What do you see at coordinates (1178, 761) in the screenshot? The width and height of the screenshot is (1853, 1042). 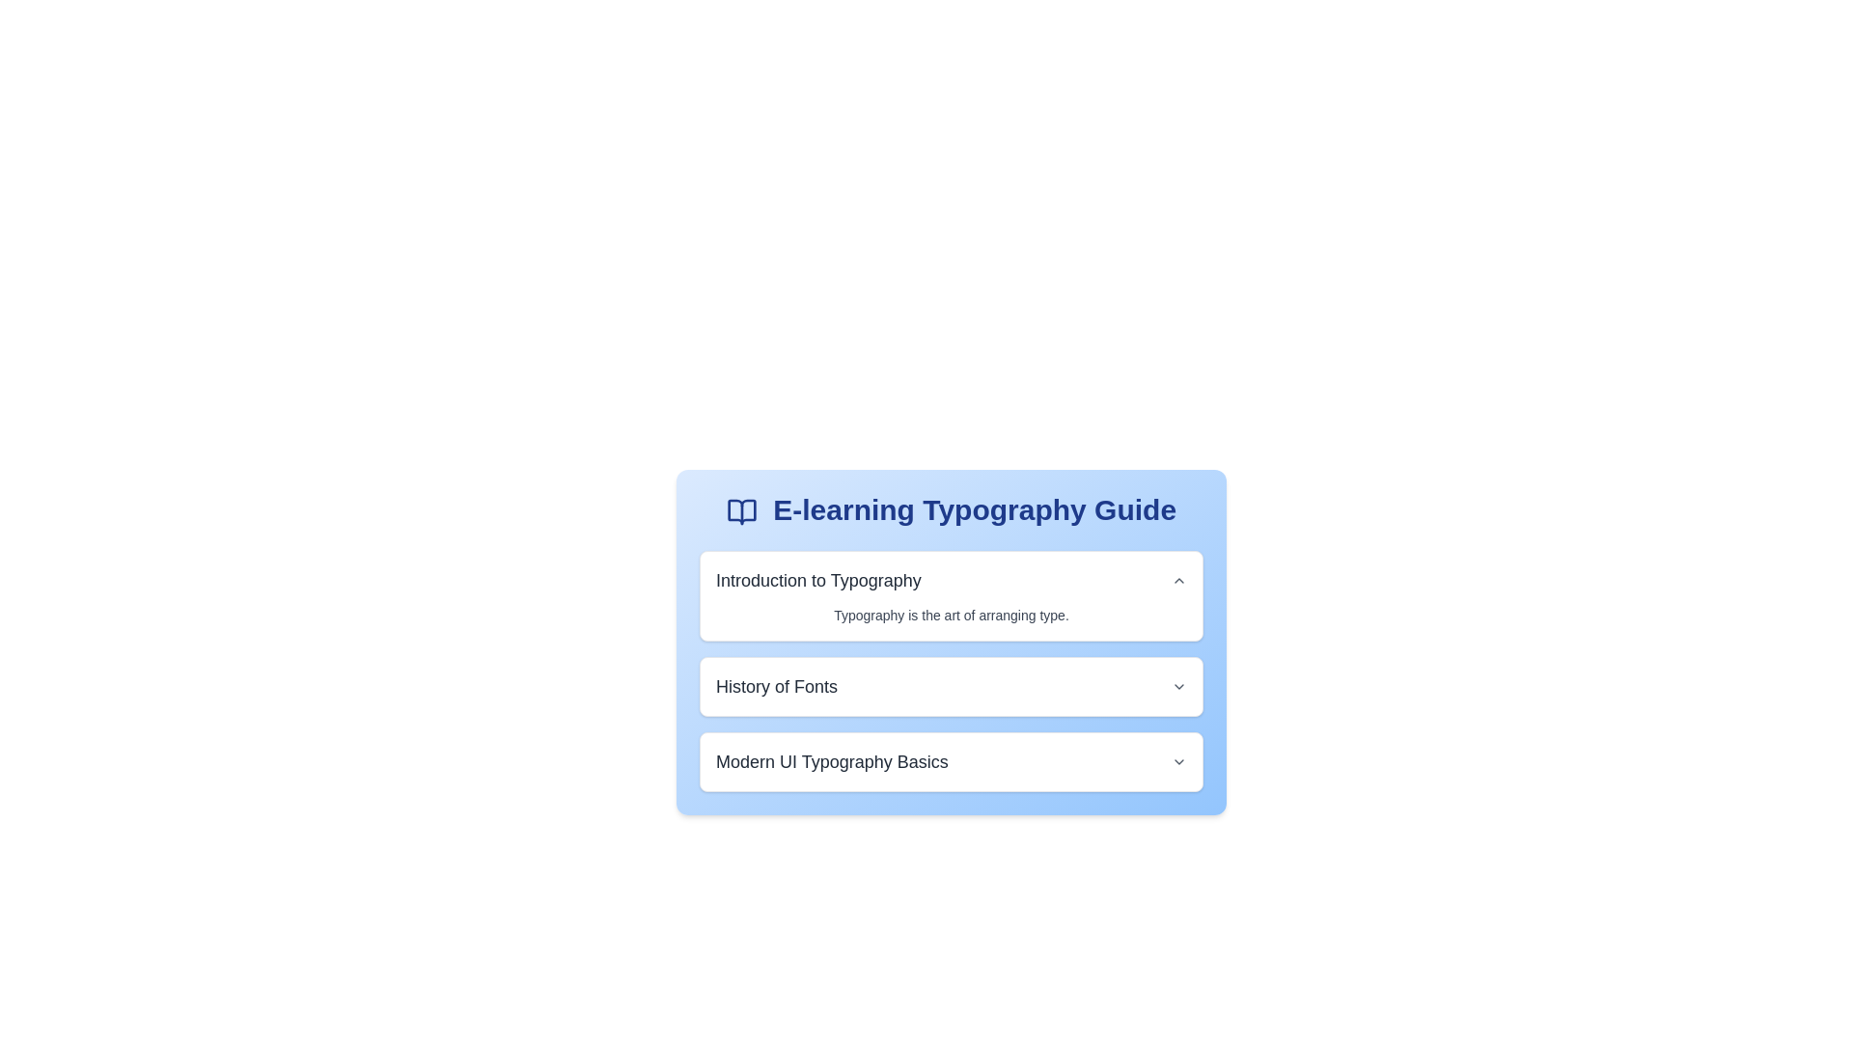 I see `the Dropdown toggle button located in the bottom row of the vertical list to potentially view information tooltips related to 'Modern UI Typography Basics.'` at bounding box center [1178, 761].